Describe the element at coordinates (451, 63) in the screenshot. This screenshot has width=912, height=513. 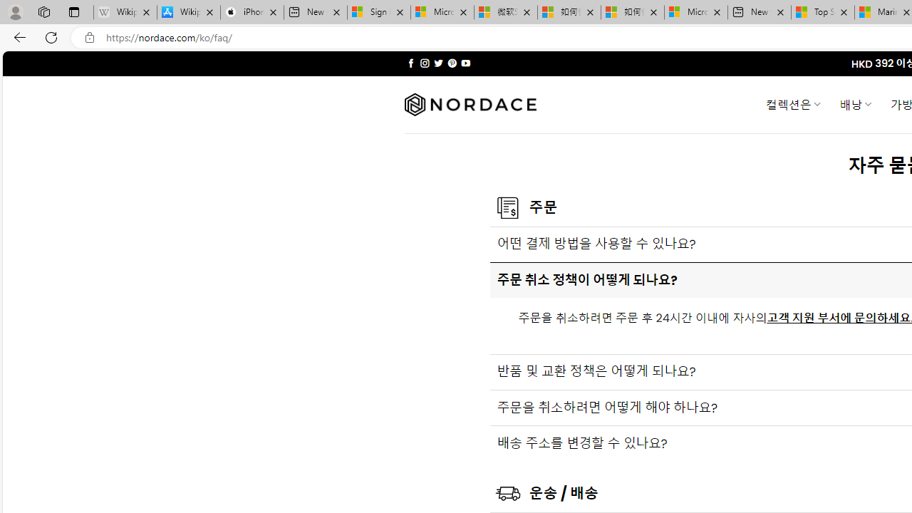
I see `'Follow on Pinterest'` at that location.